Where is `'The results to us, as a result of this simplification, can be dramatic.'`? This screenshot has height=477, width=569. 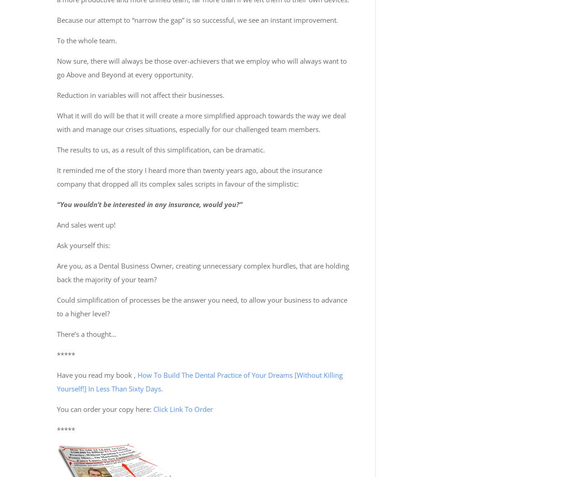 'The results to us, as a result of this simplification, can be dramatic.' is located at coordinates (160, 149).